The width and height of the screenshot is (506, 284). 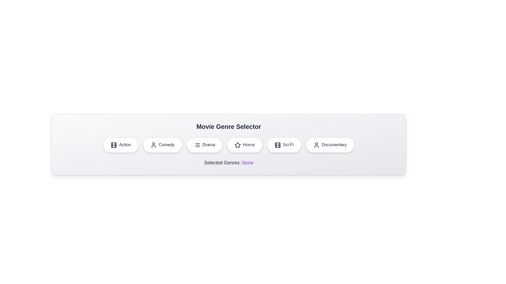 I want to click on the star icon located to the left of the 'Horror' text within the 'Horror' button, which is the third button from the left in the genre selection group, so click(x=237, y=145).